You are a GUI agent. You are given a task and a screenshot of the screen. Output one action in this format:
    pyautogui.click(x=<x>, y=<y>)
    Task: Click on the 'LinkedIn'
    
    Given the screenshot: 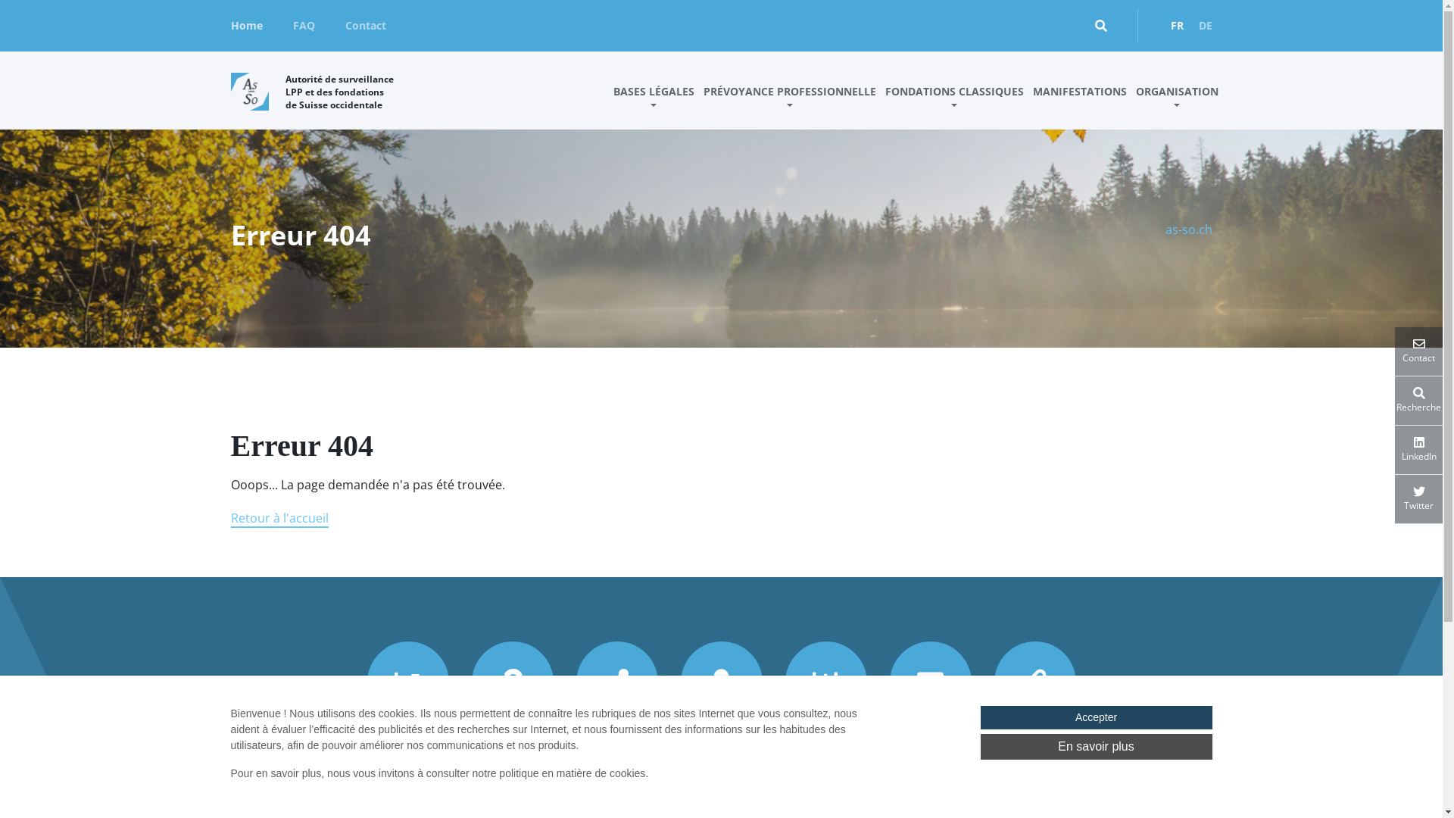 What is the action you would take?
    pyautogui.click(x=1418, y=449)
    